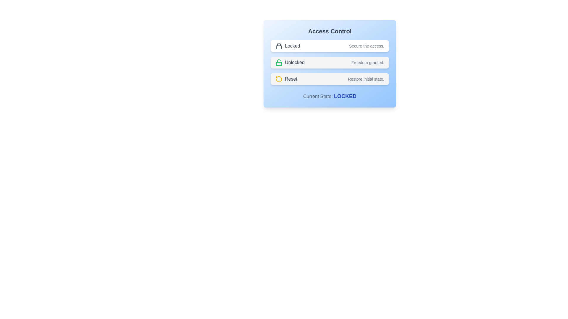 The height and width of the screenshot is (319, 568). What do you see at coordinates (329, 79) in the screenshot?
I see `the 'Reset' button to restore the initial state` at bounding box center [329, 79].